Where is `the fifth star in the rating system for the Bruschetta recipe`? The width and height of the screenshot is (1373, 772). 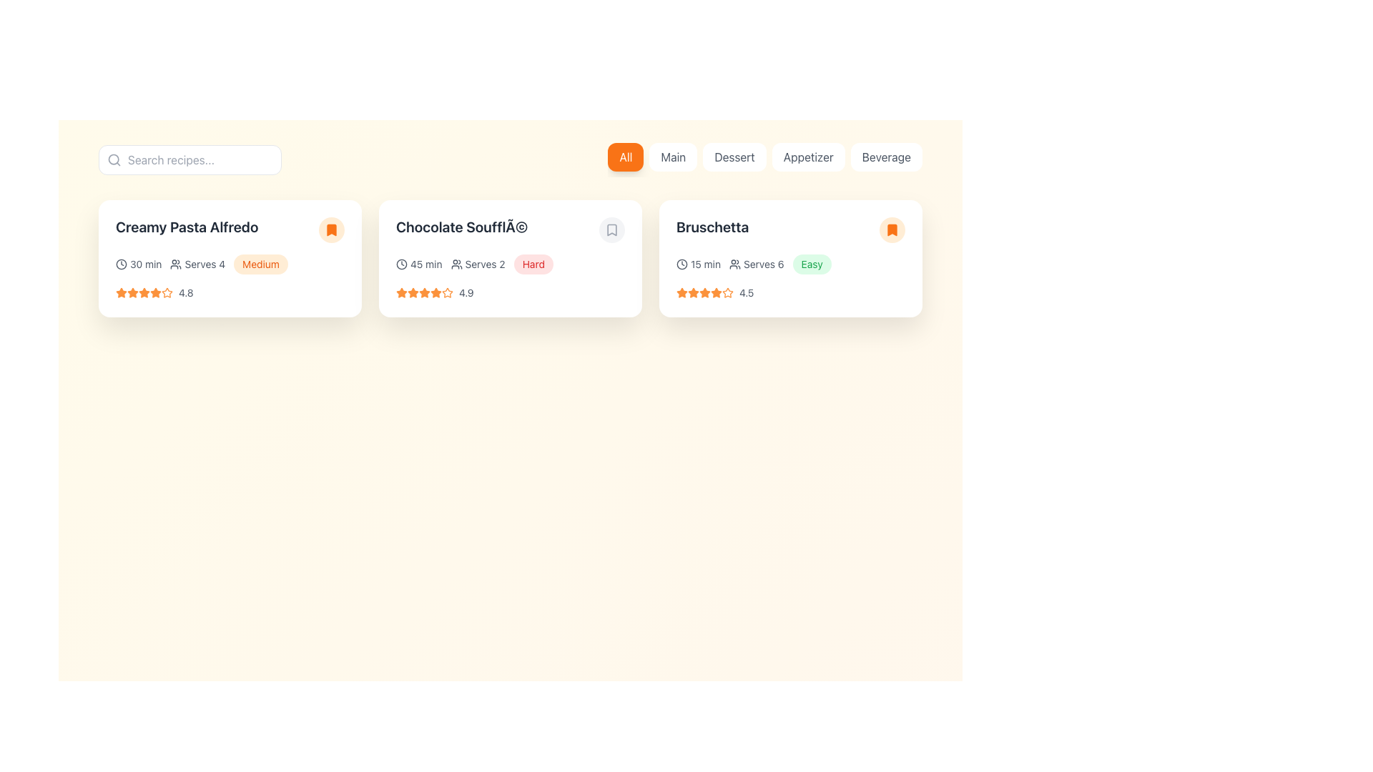
the fifth star in the rating system for the Bruschetta recipe is located at coordinates (693, 292).